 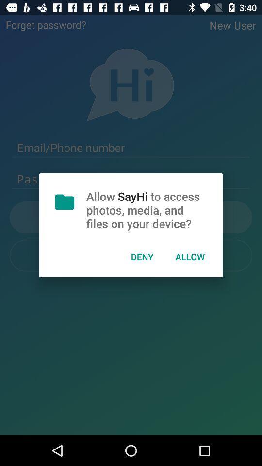 What do you see at coordinates (131, 148) in the screenshot?
I see `the text area which says emailphone number` at bounding box center [131, 148].